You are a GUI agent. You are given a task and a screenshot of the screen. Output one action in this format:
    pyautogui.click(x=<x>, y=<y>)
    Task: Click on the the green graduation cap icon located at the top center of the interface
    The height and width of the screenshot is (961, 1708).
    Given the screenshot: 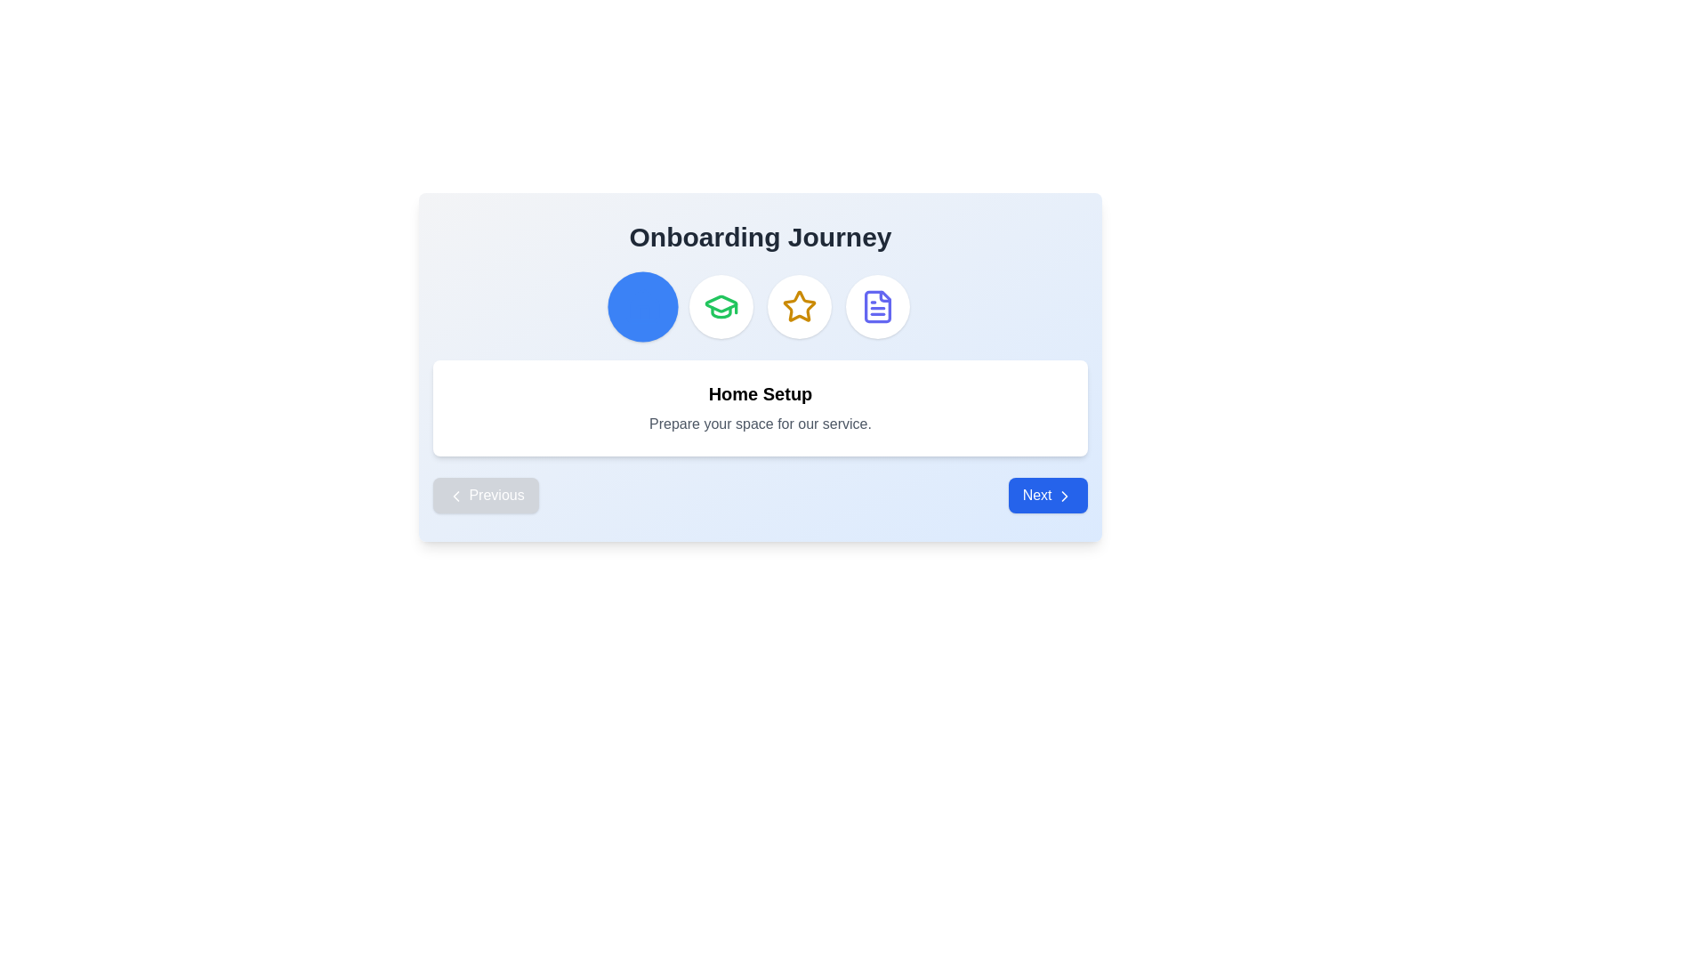 What is the action you would take?
    pyautogui.click(x=721, y=305)
    